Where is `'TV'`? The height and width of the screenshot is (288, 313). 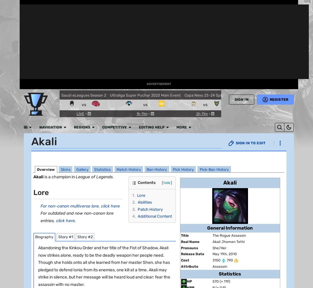 'TV' is located at coordinates (10, 149).